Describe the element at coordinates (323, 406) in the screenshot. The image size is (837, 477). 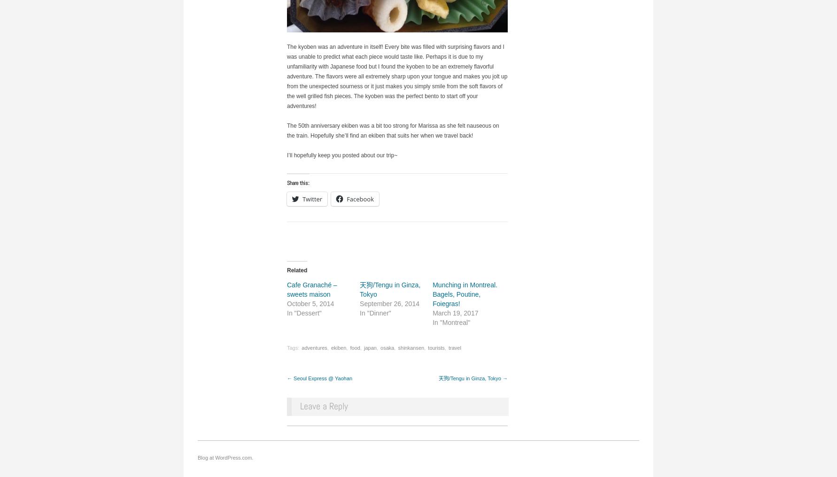
I see `'Leave a Reply'` at that location.